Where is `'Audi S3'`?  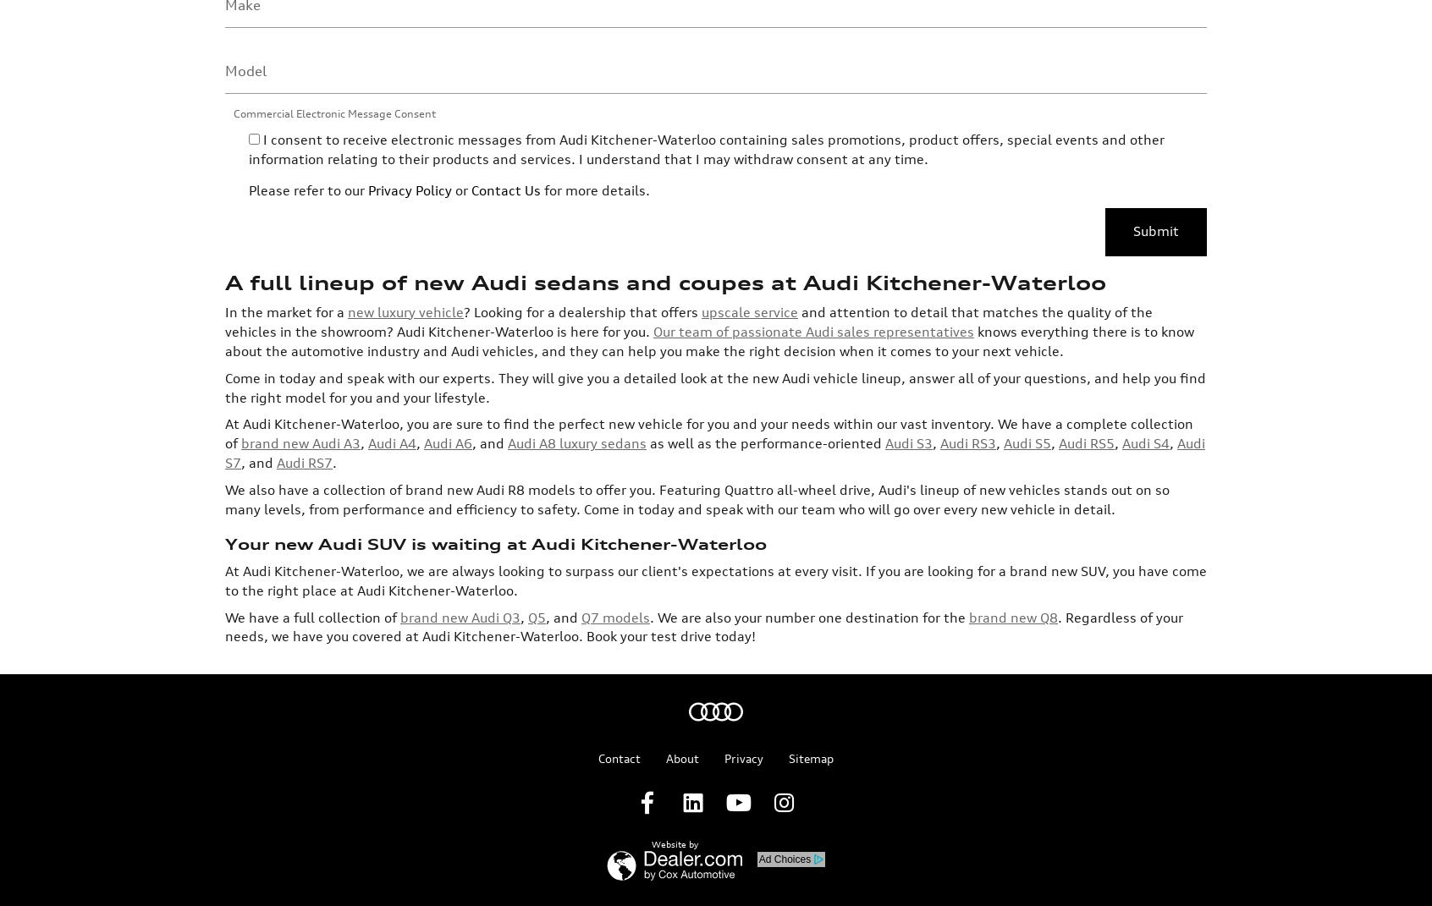 'Audi S3' is located at coordinates (909, 305).